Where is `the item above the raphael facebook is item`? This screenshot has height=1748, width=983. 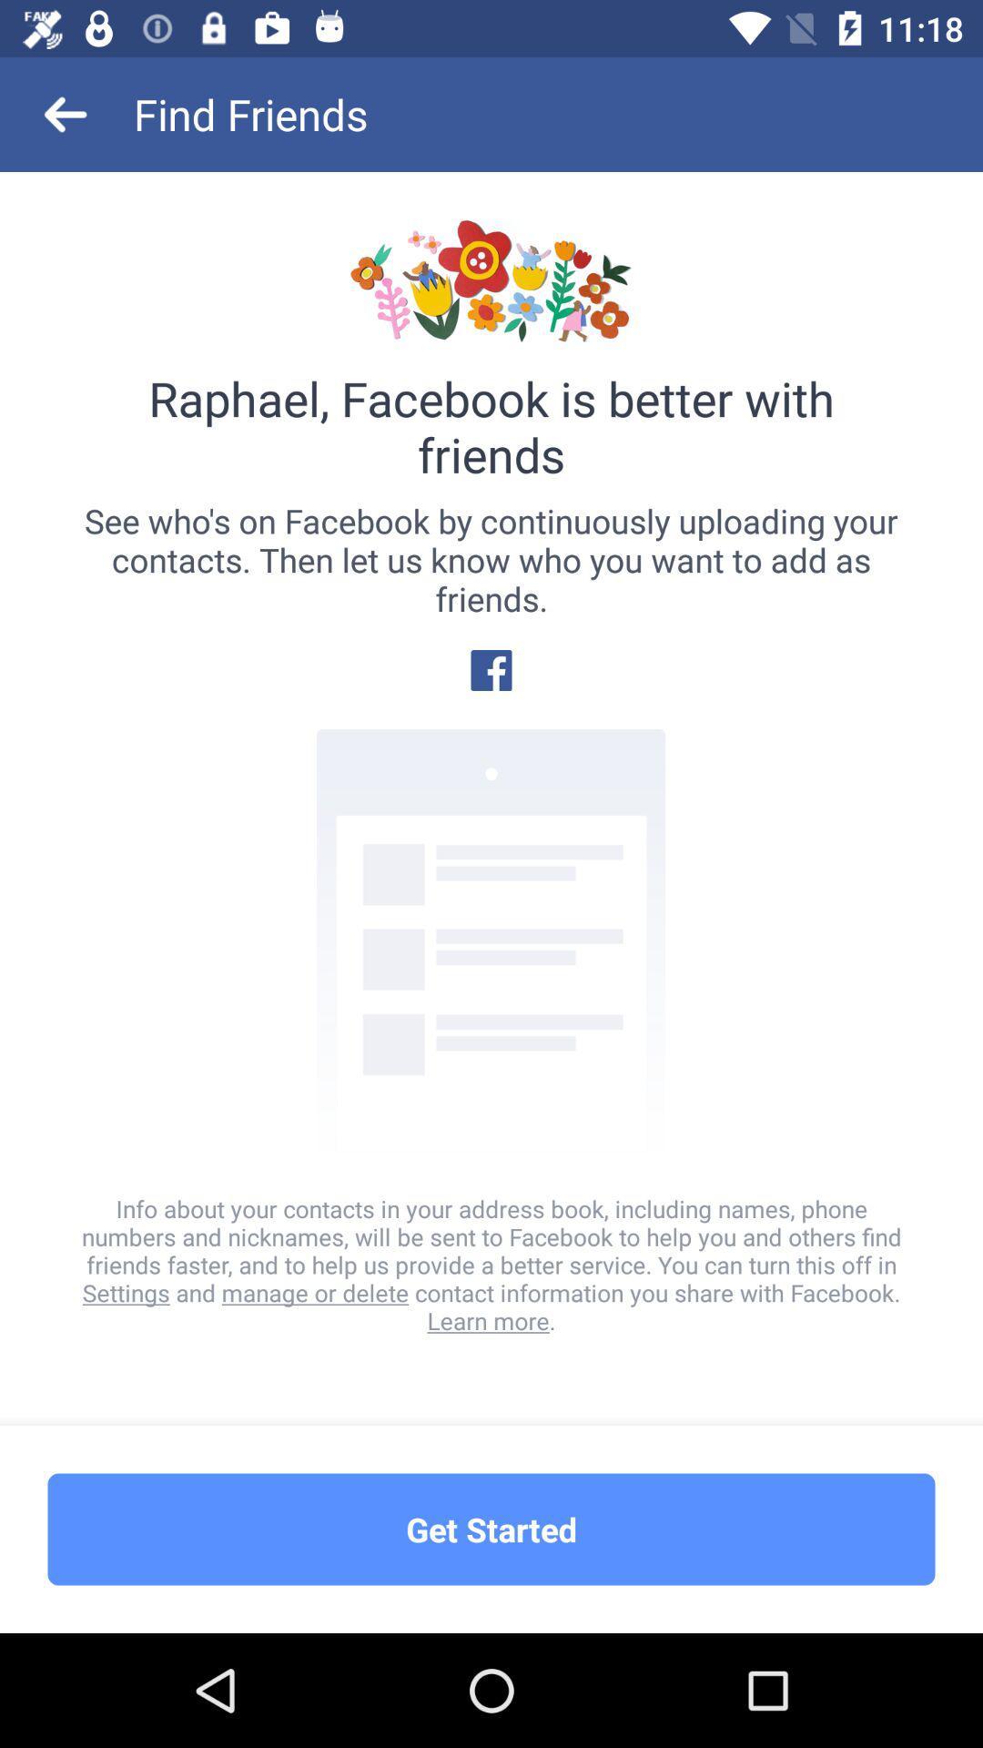
the item above the raphael facebook is item is located at coordinates (66, 113).